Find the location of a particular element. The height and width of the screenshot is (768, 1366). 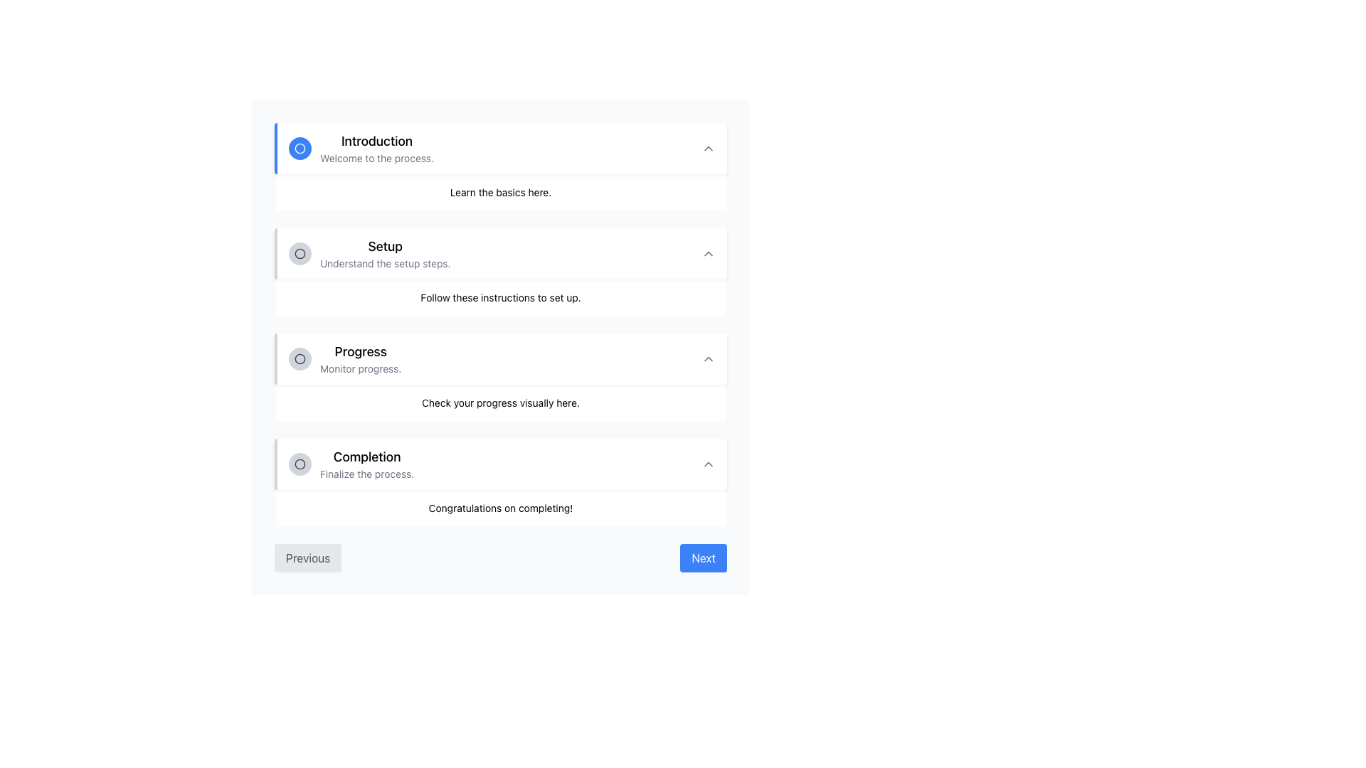

description of the Step titled 'Setup' with the subtitle 'Understand the setup steps.' located in the second row of the vertical list is located at coordinates (385, 253).